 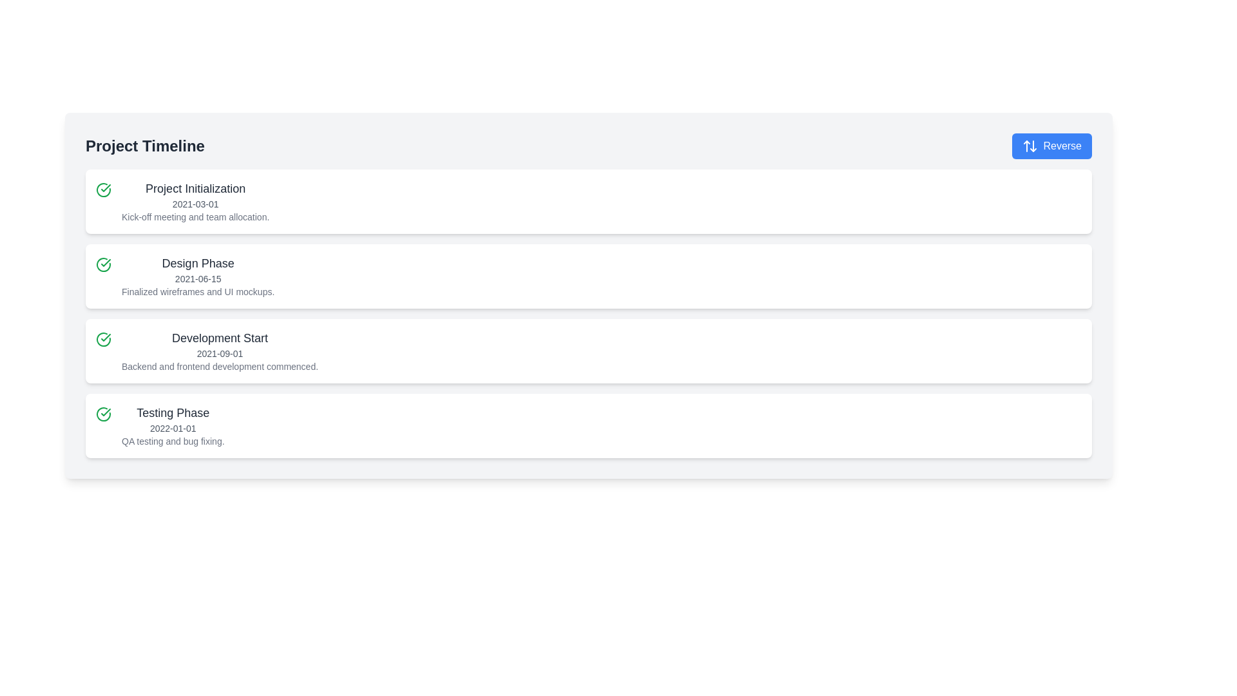 What do you see at coordinates (104, 414) in the screenshot?
I see `the green circular geometric shape with an open arc segment, located in the fourth row of the timeline, to the left of the 'Testing Phase' title` at bounding box center [104, 414].